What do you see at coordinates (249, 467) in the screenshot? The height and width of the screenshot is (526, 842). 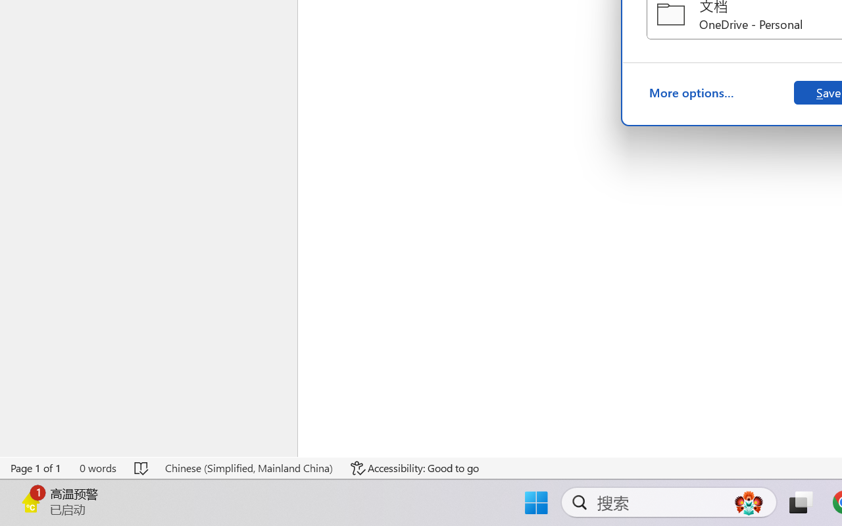 I see `'Language Chinese (Simplified, Mainland China)'` at bounding box center [249, 467].